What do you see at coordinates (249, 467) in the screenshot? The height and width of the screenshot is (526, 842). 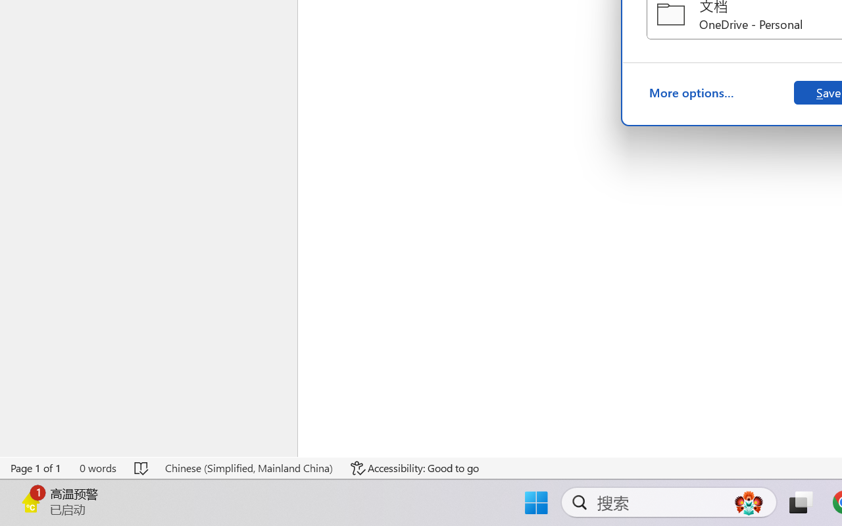 I see `'Language Chinese (Simplified, Mainland China)'` at bounding box center [249, 467].